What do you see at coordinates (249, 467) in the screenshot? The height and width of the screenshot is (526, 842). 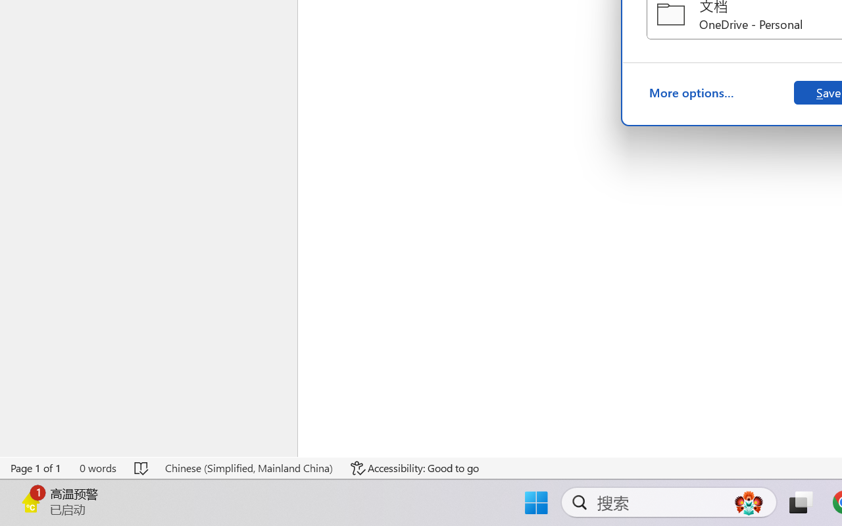 I see `'Language Chinese (Simplified, Mainland China)'` at bounding box center [249, 467].